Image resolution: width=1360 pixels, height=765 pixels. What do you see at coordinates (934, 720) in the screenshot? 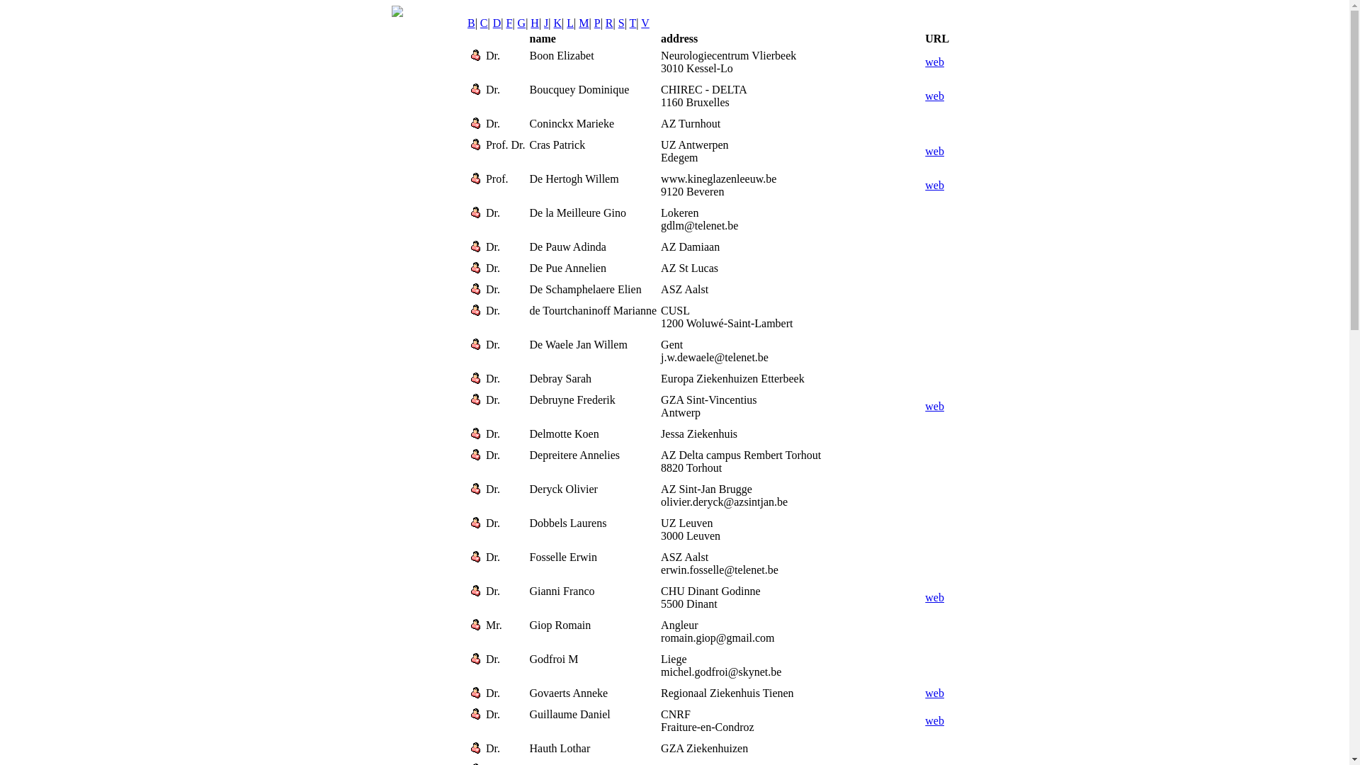
I see `'web'` at bounding box center [934, 720].